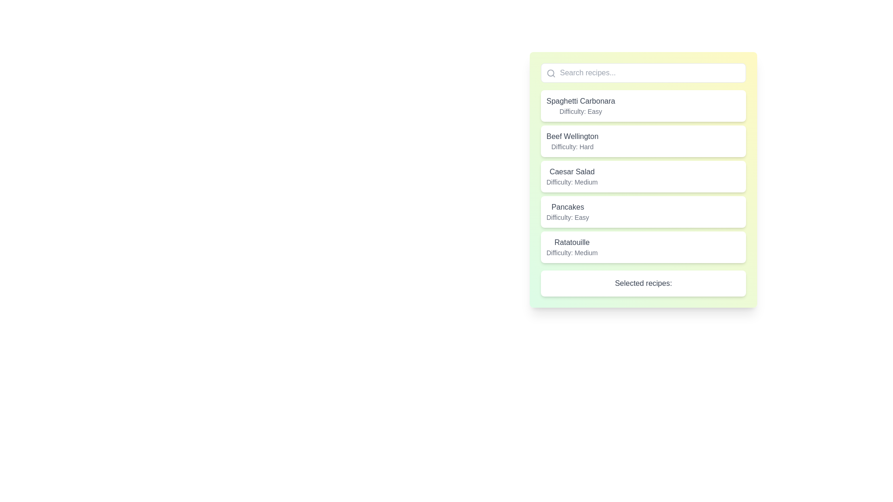 The width and height of the screenshot is (893, 502). Describe the element at coordinates (567, 211) in the screenshot. I see `displayed information of the recipe 'Pancakes' with difficulty level 'Easy', which is the fourth item in the vertical list located beneath 'Caesar Salad'` at that location.